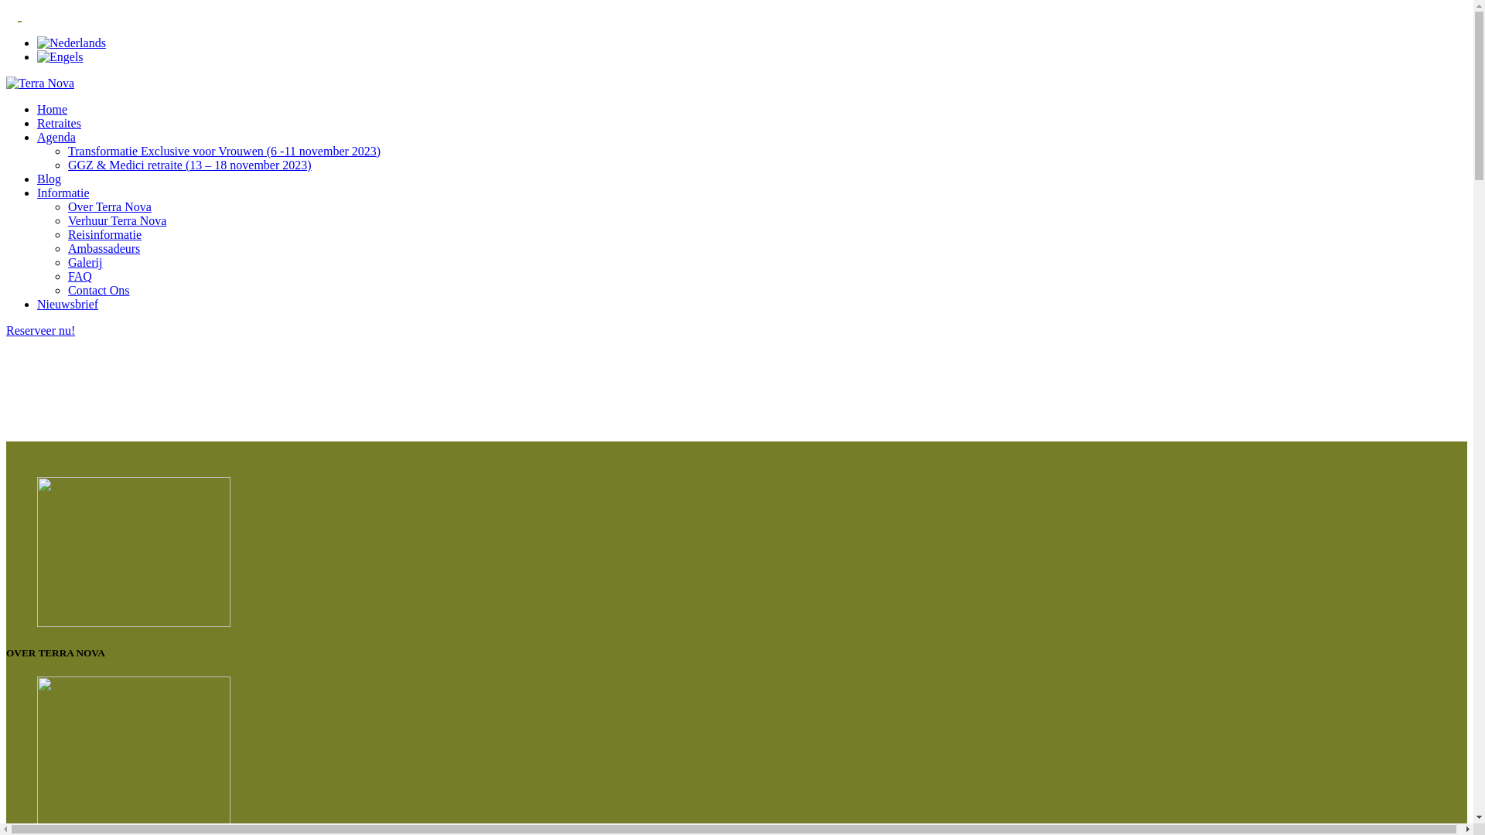  What do you see at coordinates (104, 234) in the screenshot?
I see `'Reisinformatie'` at bounding box center [104, 234].